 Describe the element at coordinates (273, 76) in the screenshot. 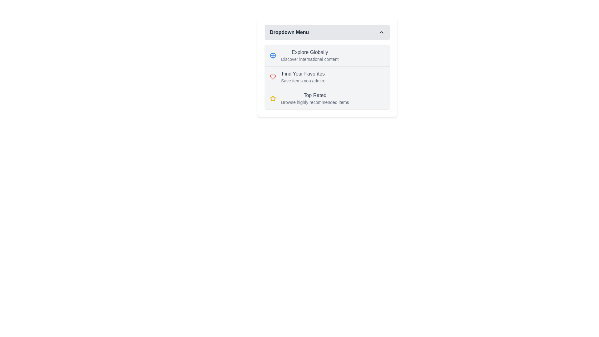

I see `the heart-shaped 'favorite' icon in the dropdown menu labeled 'Find Your Favorites', which is located to the left of the descriptive text` at that location.